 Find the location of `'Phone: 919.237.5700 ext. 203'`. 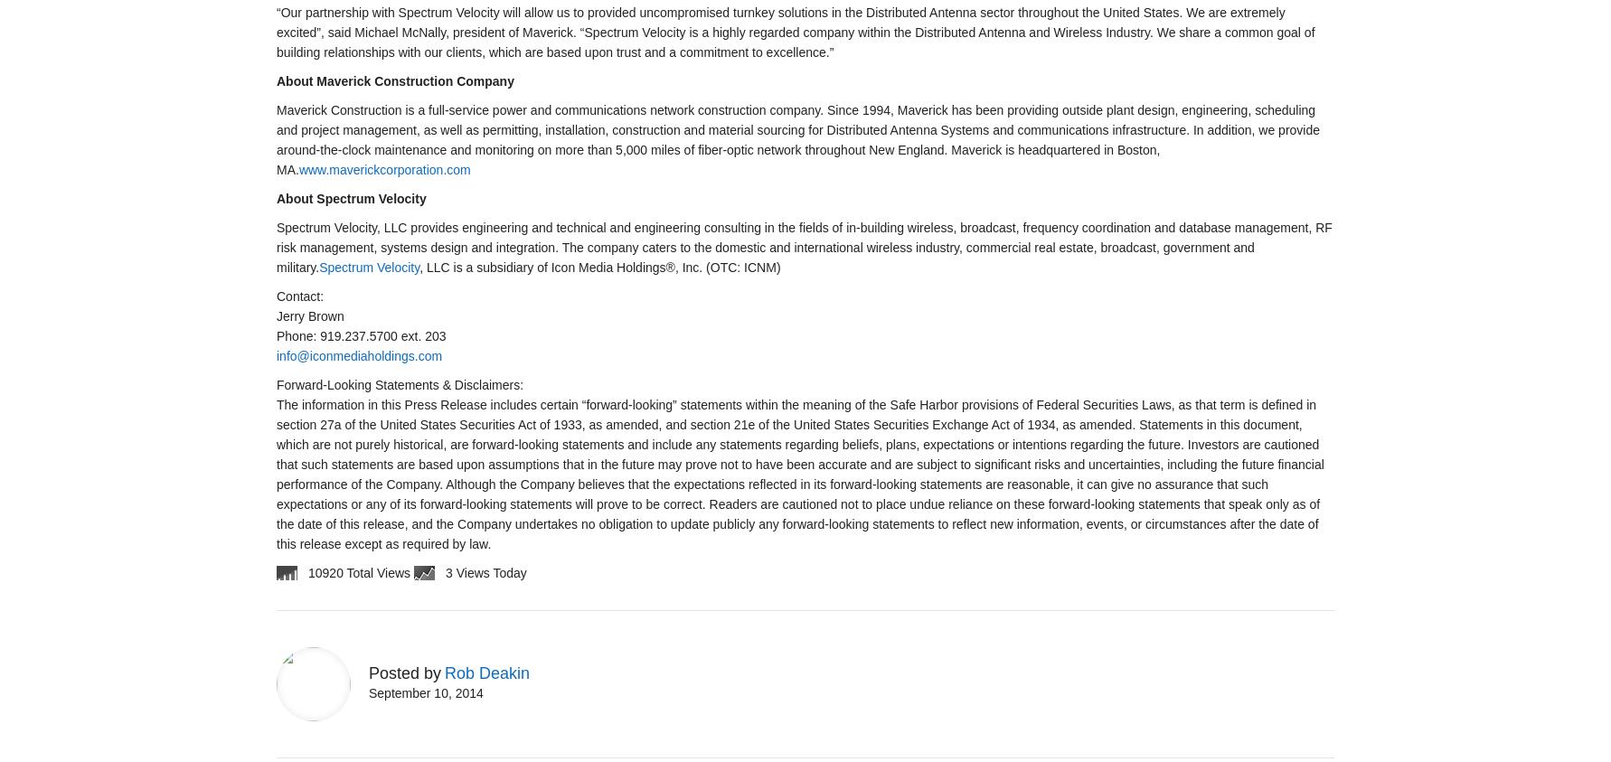

'Phone: 919.237.5700 ext. 203' is located at coordinates (361, 335).